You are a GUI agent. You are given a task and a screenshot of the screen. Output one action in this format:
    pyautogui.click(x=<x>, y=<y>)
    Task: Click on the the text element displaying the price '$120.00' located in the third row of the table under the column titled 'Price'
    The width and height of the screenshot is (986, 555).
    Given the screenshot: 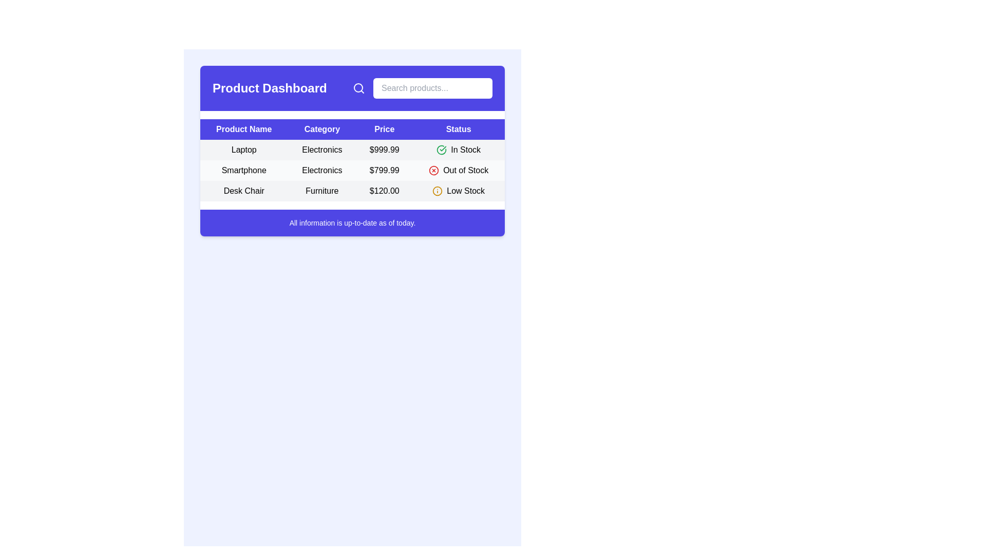 What is the action you would take?
    pyautogui.click(x=384, y=191)
    